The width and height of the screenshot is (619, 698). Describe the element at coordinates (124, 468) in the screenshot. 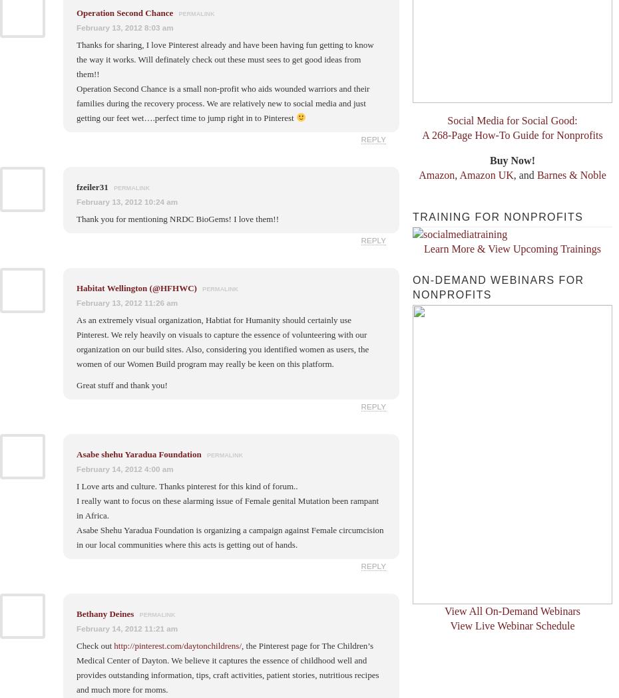

I see `'February 14, 2012 4:00 am'` at that location.